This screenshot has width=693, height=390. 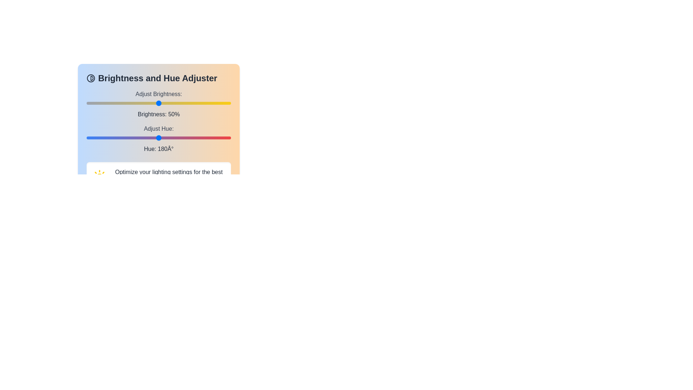 I want to click on the brightness slider to 33%, so click(x=134, y=103).